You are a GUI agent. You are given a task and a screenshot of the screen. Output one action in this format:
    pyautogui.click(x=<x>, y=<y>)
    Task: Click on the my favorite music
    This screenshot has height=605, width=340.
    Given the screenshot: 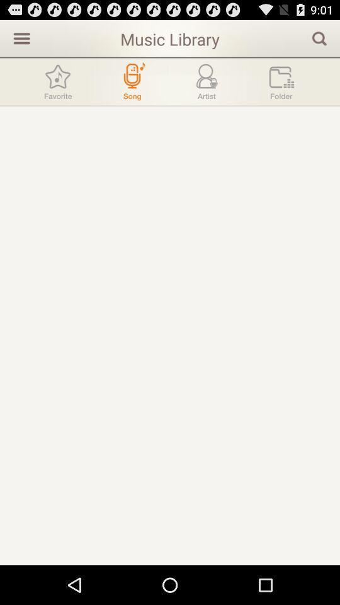 What is the action you would take?
    pyautogui.click(x=57, y=81)
    